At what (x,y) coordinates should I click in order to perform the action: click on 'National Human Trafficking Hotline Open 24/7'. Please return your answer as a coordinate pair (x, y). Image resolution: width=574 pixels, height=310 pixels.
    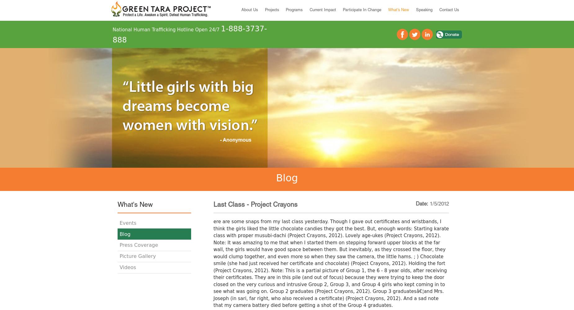
    Looking at the image, I should click on (167, 29).